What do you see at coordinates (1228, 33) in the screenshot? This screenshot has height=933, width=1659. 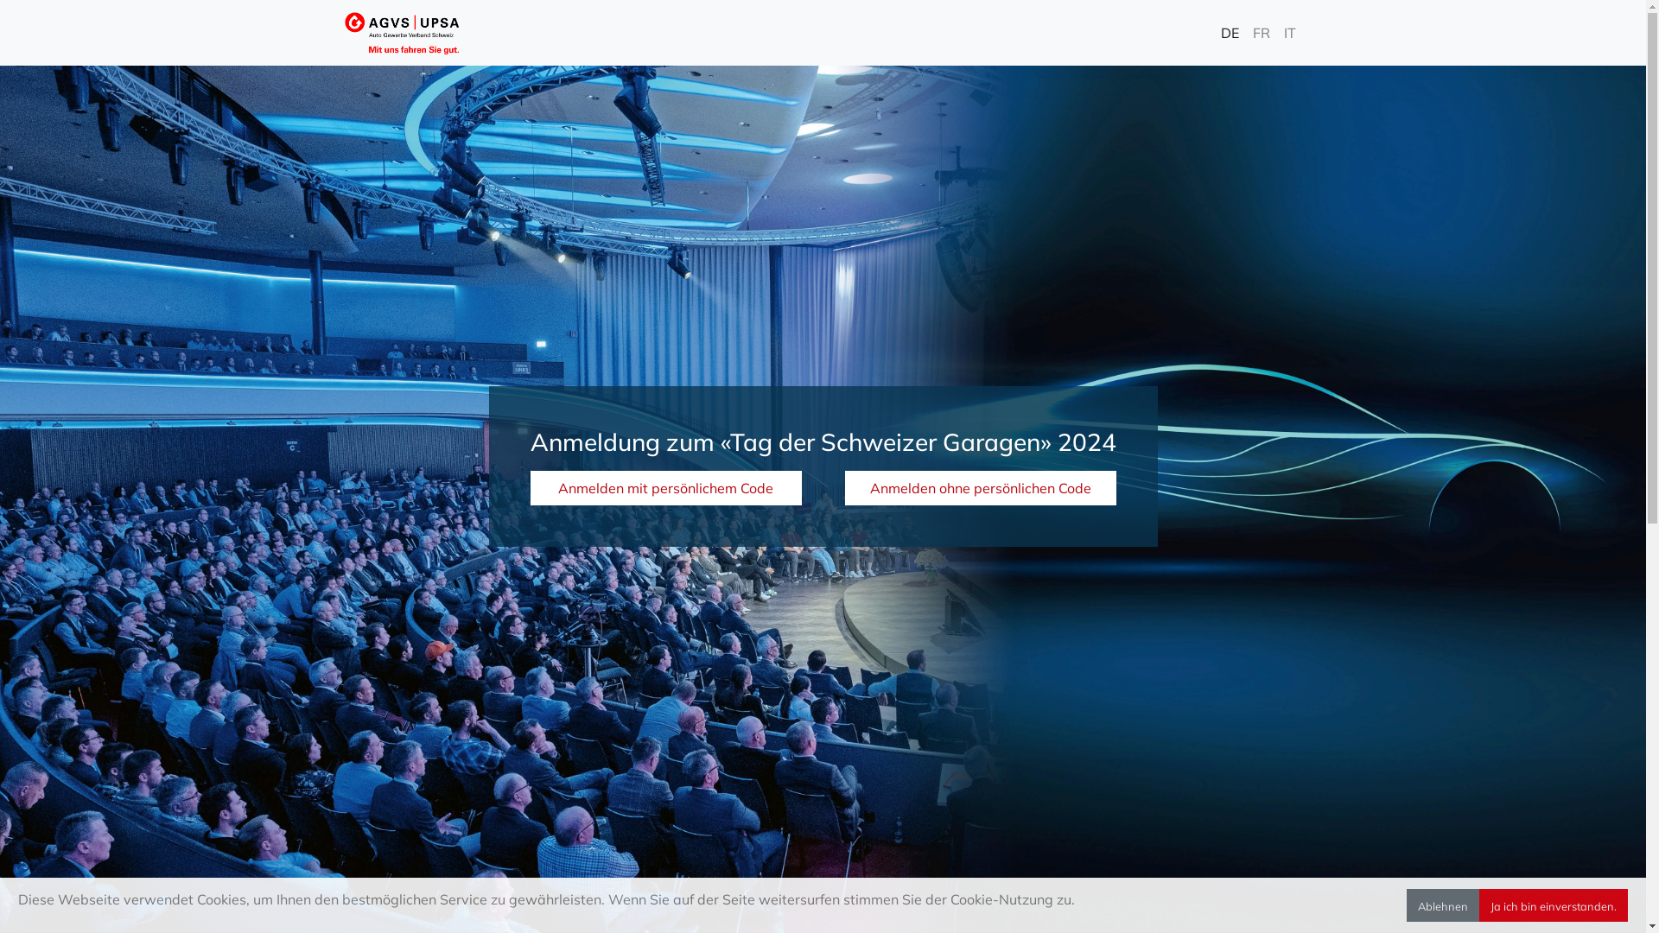 I see `'DE'` at bounding box center [1228, 33].